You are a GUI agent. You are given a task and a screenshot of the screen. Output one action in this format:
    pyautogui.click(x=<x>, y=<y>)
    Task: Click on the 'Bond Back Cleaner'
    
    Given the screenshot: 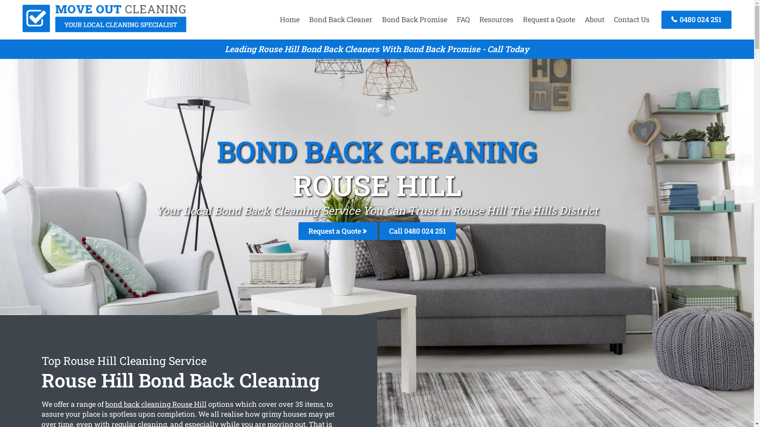 What is the action you would take?
    pyautogui.click(x=340, y=19)
    